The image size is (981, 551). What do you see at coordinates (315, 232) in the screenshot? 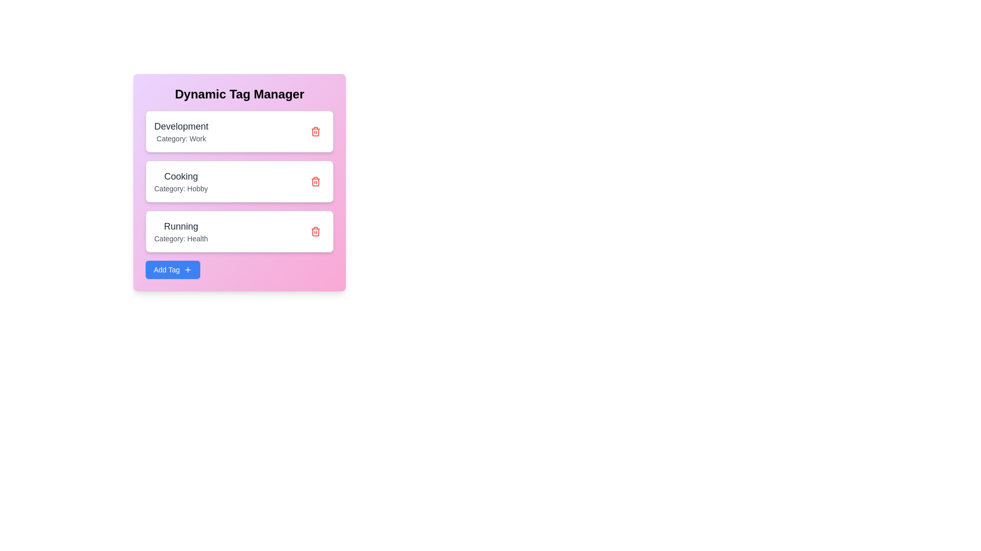
I see `the tag named Running by clicking the trash icon next to it` at bounding box center [315, 232].